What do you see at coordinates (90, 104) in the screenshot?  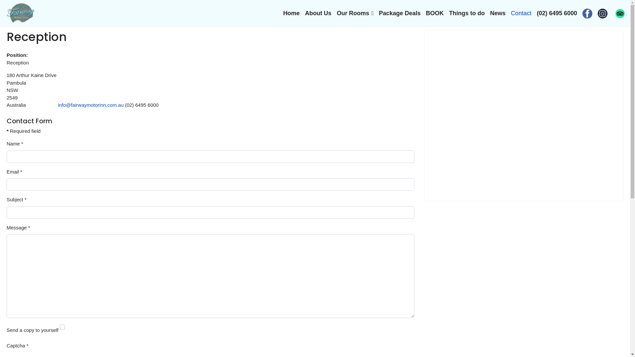 I see `'info@fairwaymotorinn.com.au'` at bounding box center [90, 104].